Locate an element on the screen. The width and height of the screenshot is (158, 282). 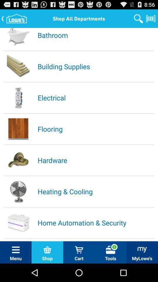
app below the heating & cooling app is located at coordinates (95, 222).